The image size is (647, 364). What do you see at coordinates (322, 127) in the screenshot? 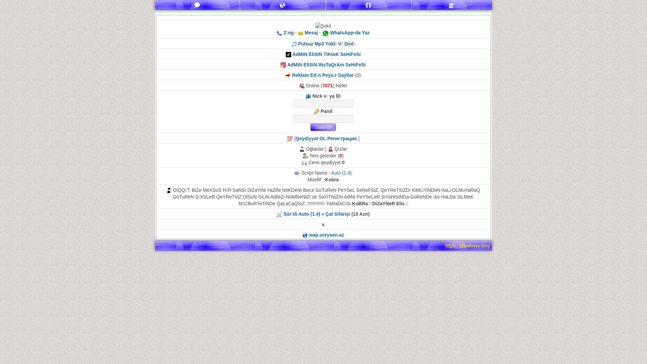
I see `'Daxil Ol'` at bounding box center [322, 127].